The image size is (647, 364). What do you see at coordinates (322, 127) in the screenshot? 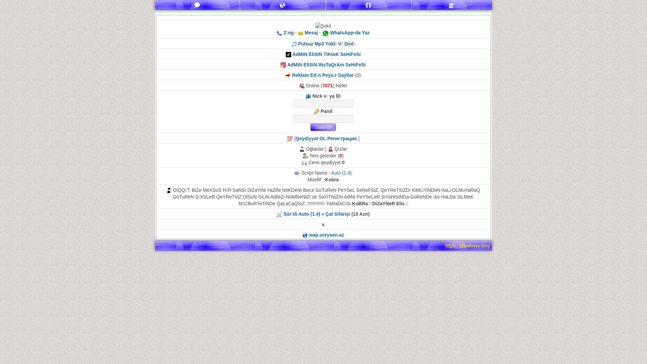
I see `'Daxil Ol'` at bounding box center [322, 127].